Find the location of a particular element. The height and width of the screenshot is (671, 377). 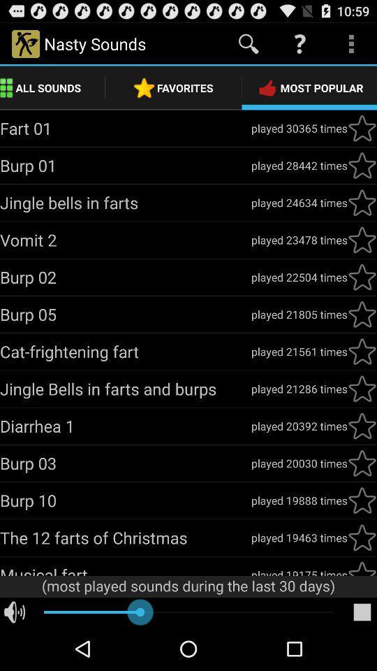

favourite is located at coordinates (362, 351).